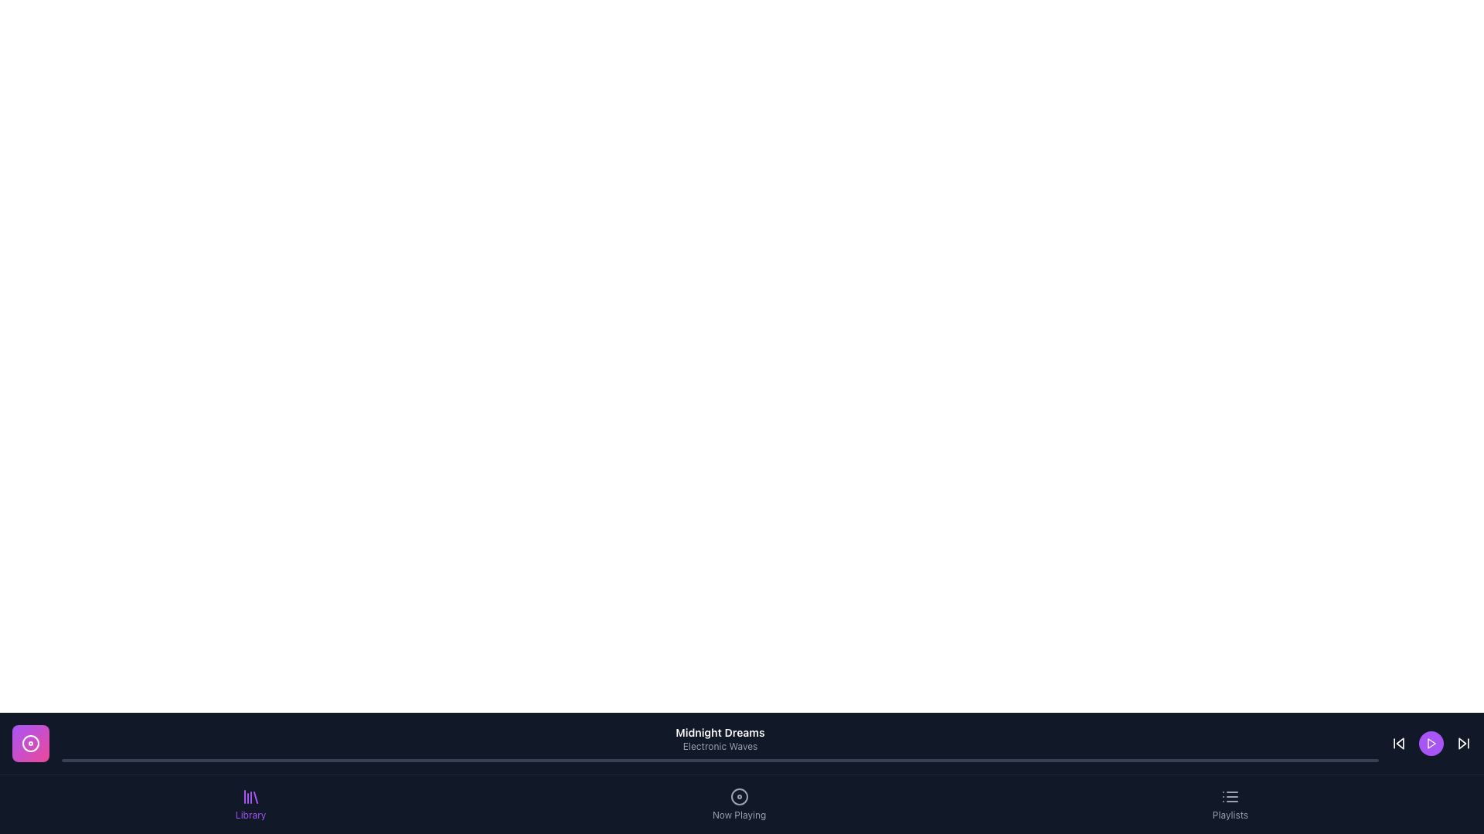 This screenshot has width=1484, height=834. What do you see at coordinates (250, 797) in the screenshot?
I see `the 'Library' icon located on the bottom bar of the interface` at bounding box center [250, 797].